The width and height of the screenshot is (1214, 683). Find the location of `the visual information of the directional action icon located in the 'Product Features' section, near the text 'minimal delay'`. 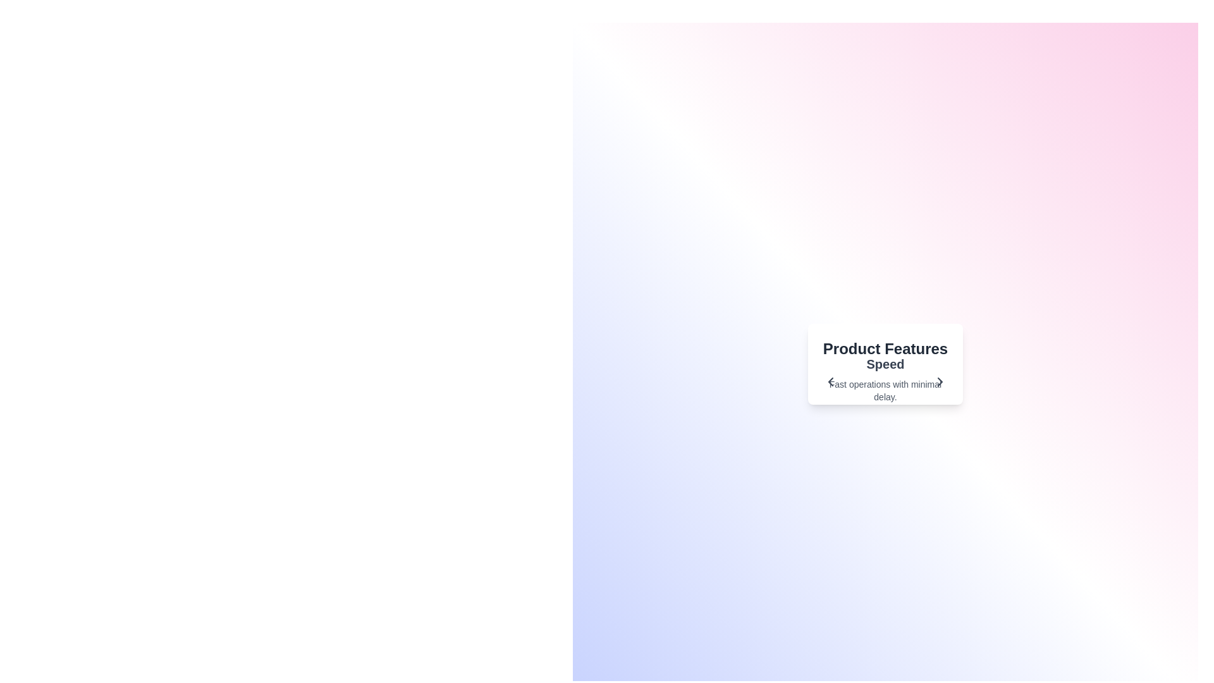

the visual information of the directional action icon located in the 'Product Features' section, near the text 'minimal delay' is located at coordinates (940, 381).